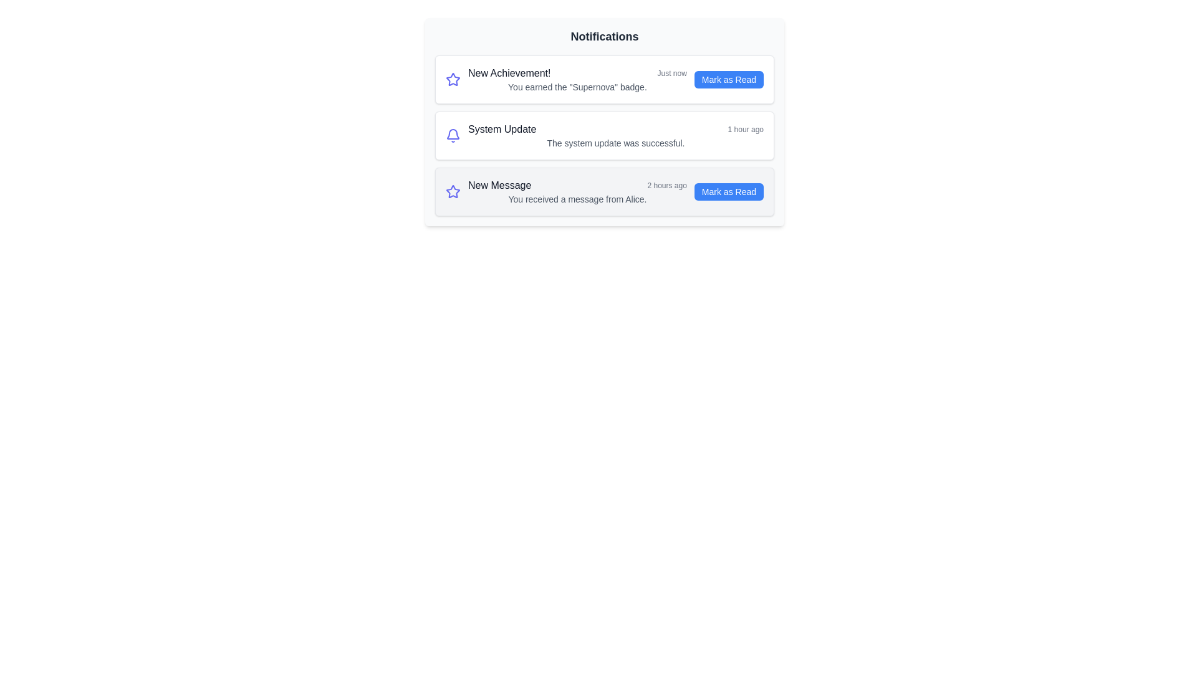 This screenshot has width=1197, height=673. Describe the element at coordinates (729, 192) in the screenshot. I see `the blue 'Mark as Read' button with rounded corners in the rightmost position of the 'New Message' notification card to mark the notification as read` at that location.